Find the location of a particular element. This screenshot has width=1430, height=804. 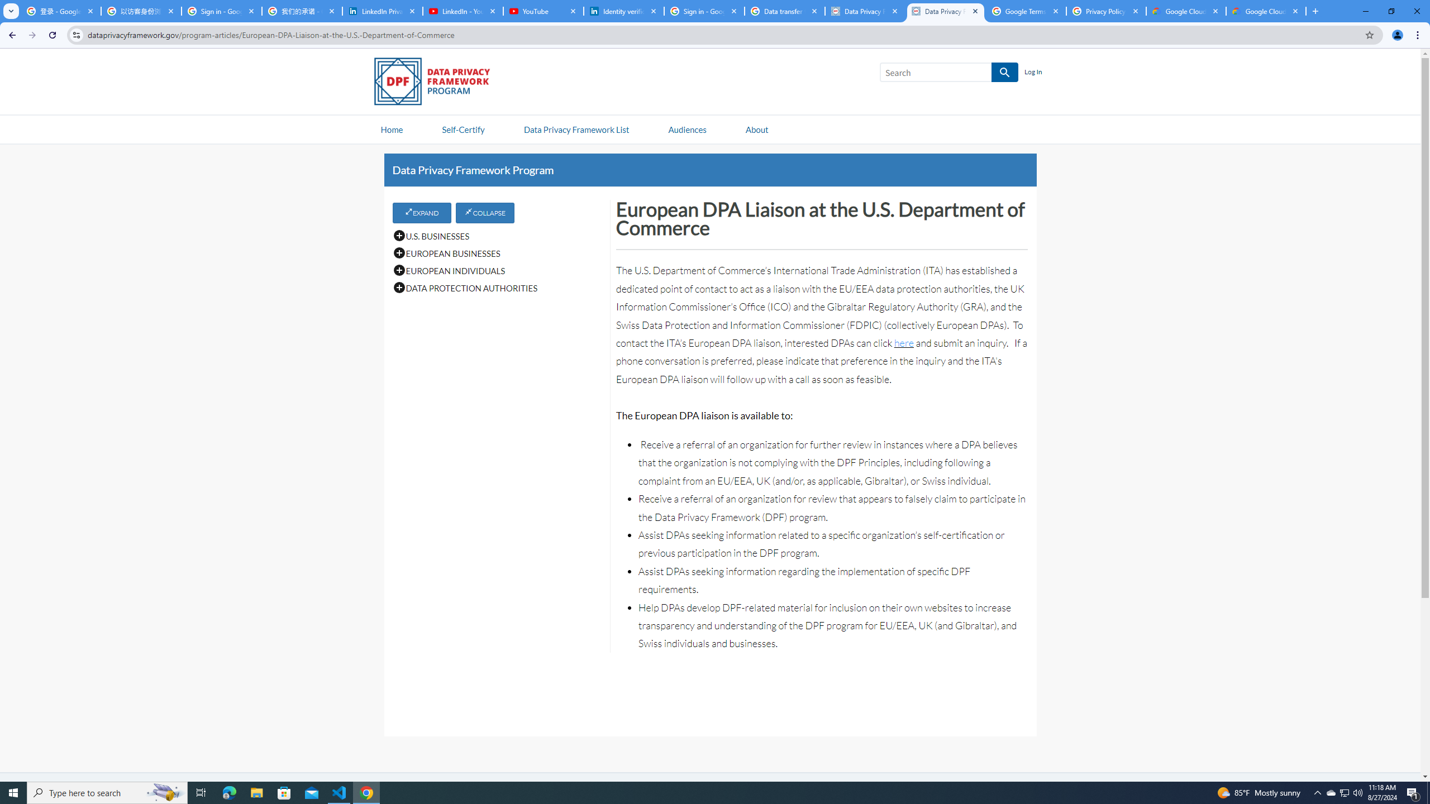

'LinkedIn Privacy Policy' is located at coordinates (382, 11).